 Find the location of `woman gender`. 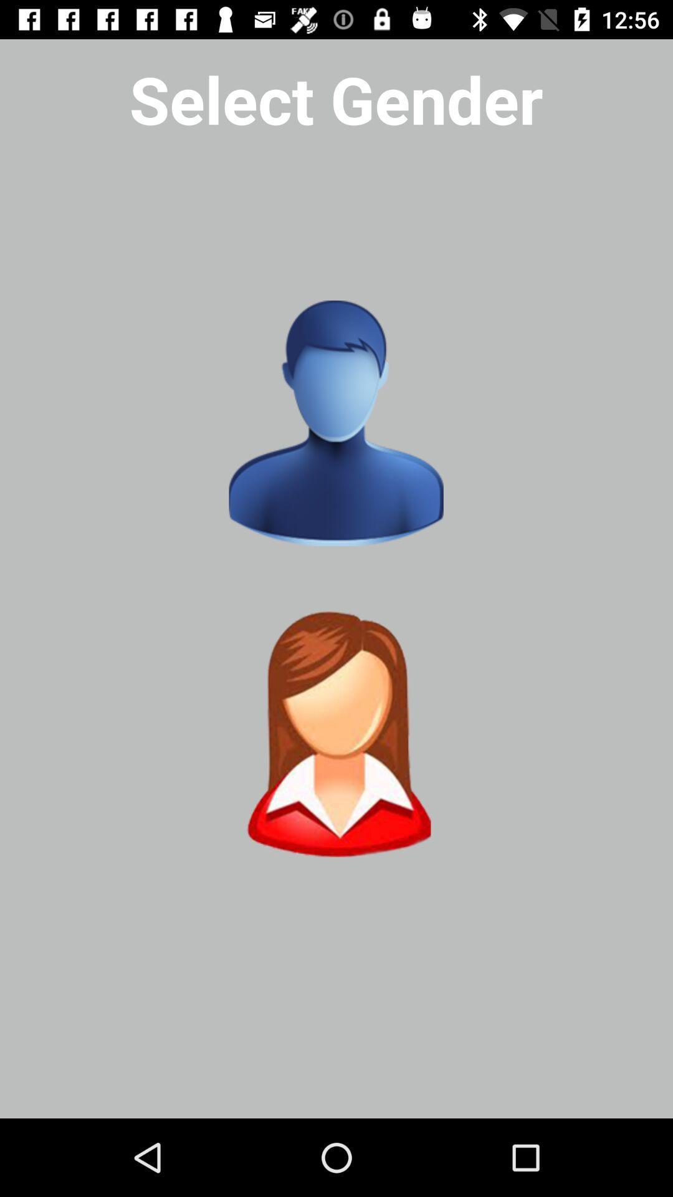

woman gender is located at coordinates (335, 734).